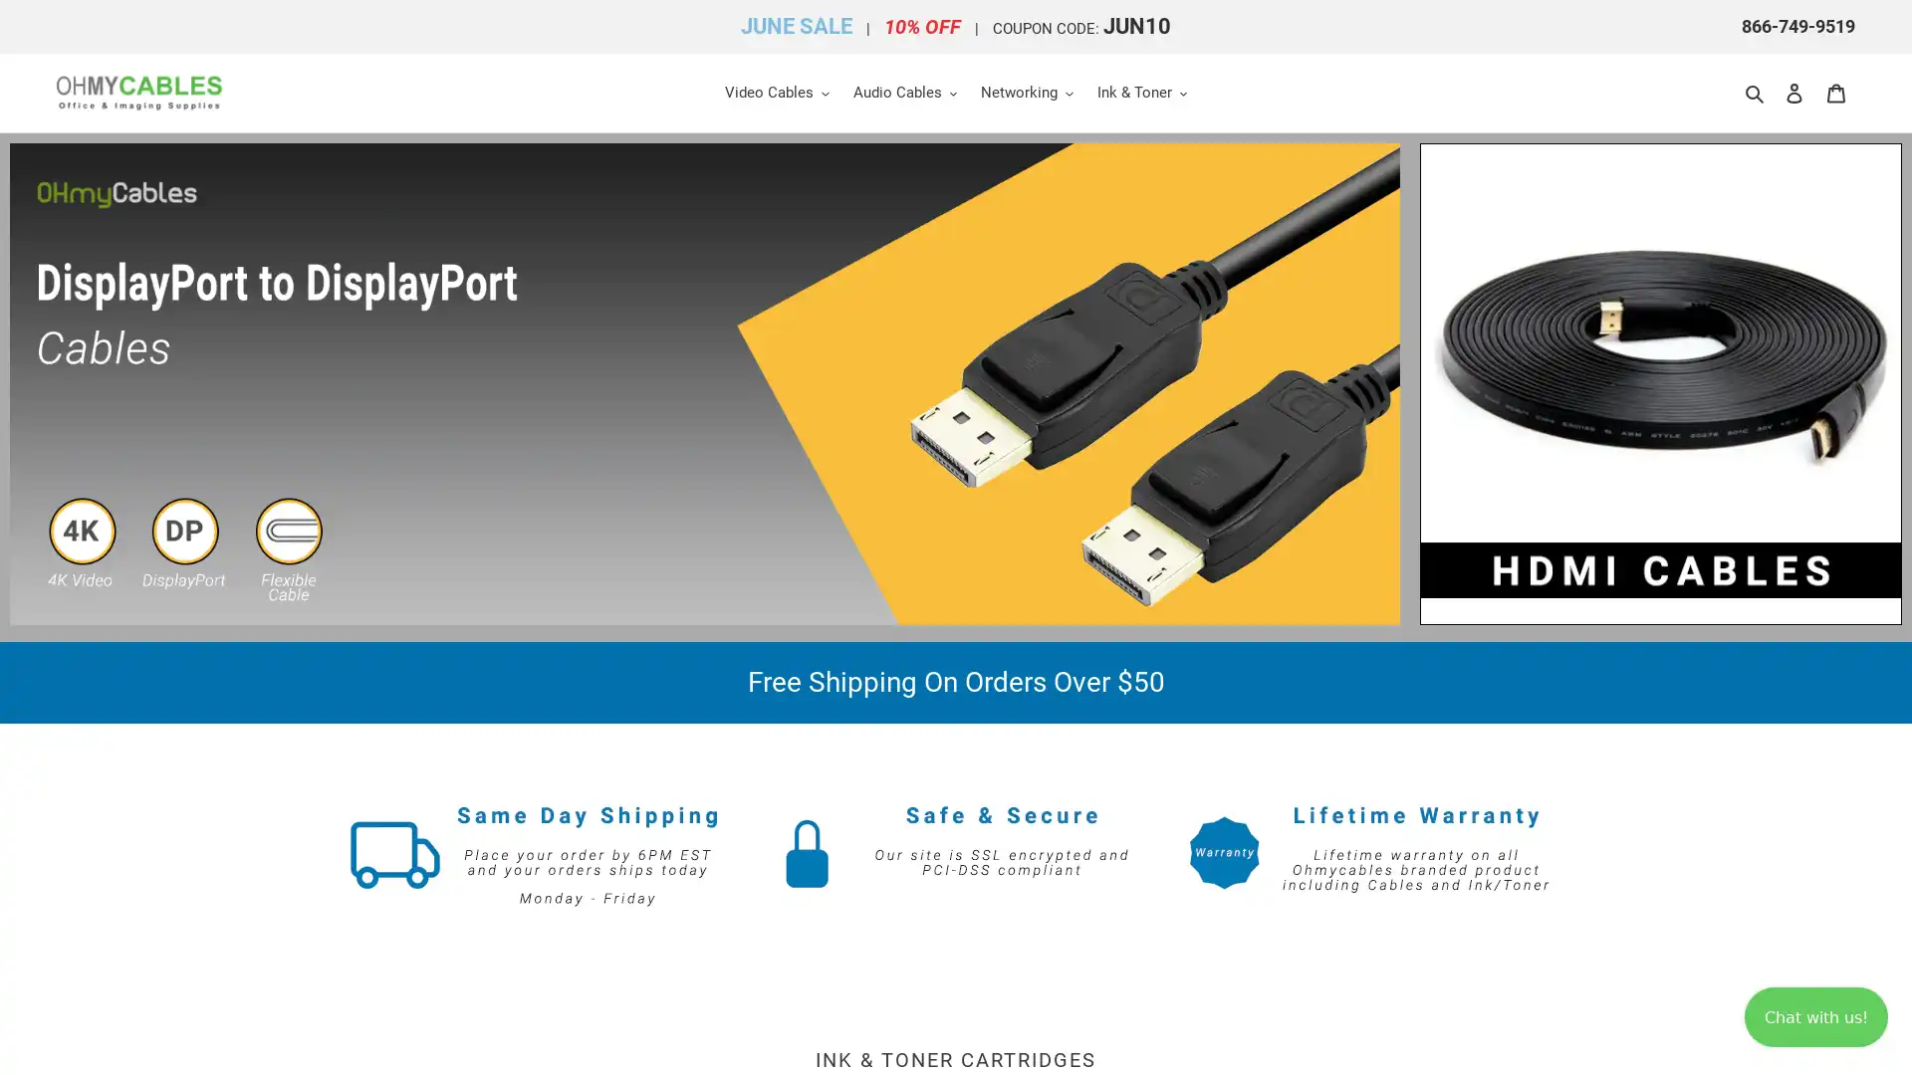  Describe the element at coordinates (1027, 92) in the screenshot. I see `Networking` at that location.